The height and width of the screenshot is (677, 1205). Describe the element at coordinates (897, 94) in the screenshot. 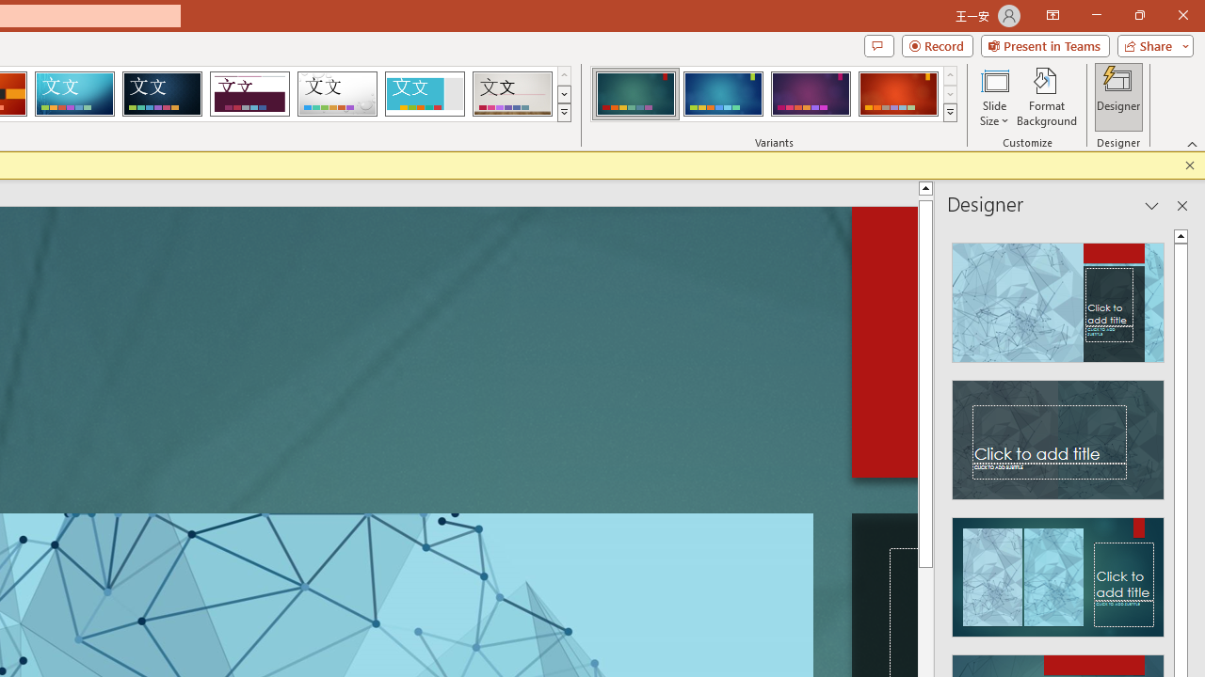

I see `'Ion Variant 4'` at that location.